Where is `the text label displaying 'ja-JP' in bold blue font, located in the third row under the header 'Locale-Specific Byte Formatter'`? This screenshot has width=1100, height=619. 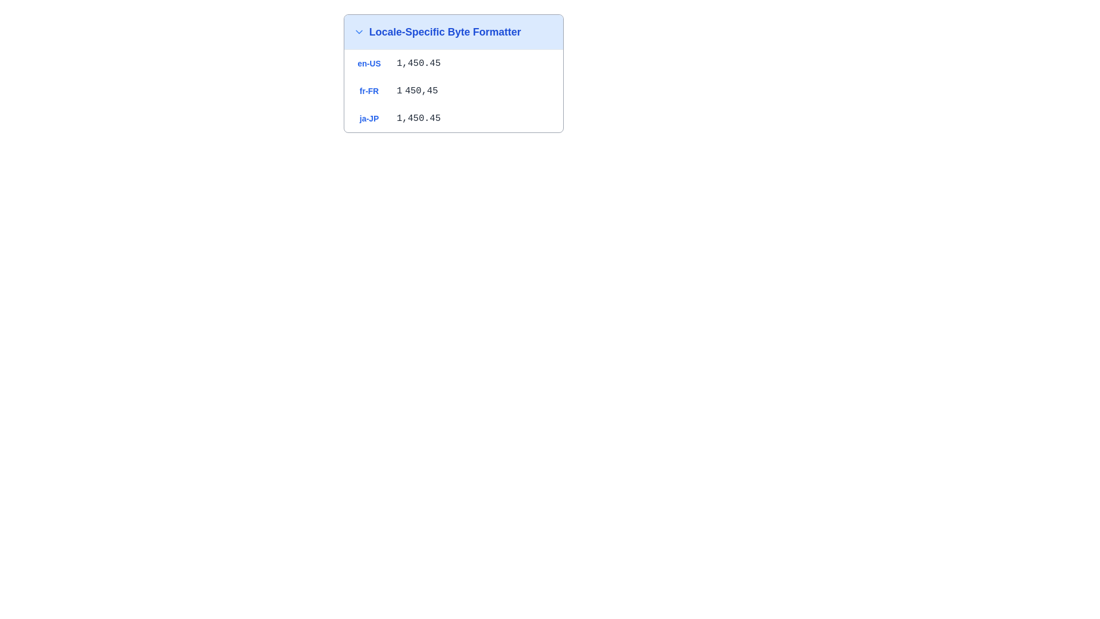 the text label displaying 'ja-JP' in bold blue font, located in the third row under the header 'Locale-Specific Byte Formatter' is located at coordinates (369, 119).